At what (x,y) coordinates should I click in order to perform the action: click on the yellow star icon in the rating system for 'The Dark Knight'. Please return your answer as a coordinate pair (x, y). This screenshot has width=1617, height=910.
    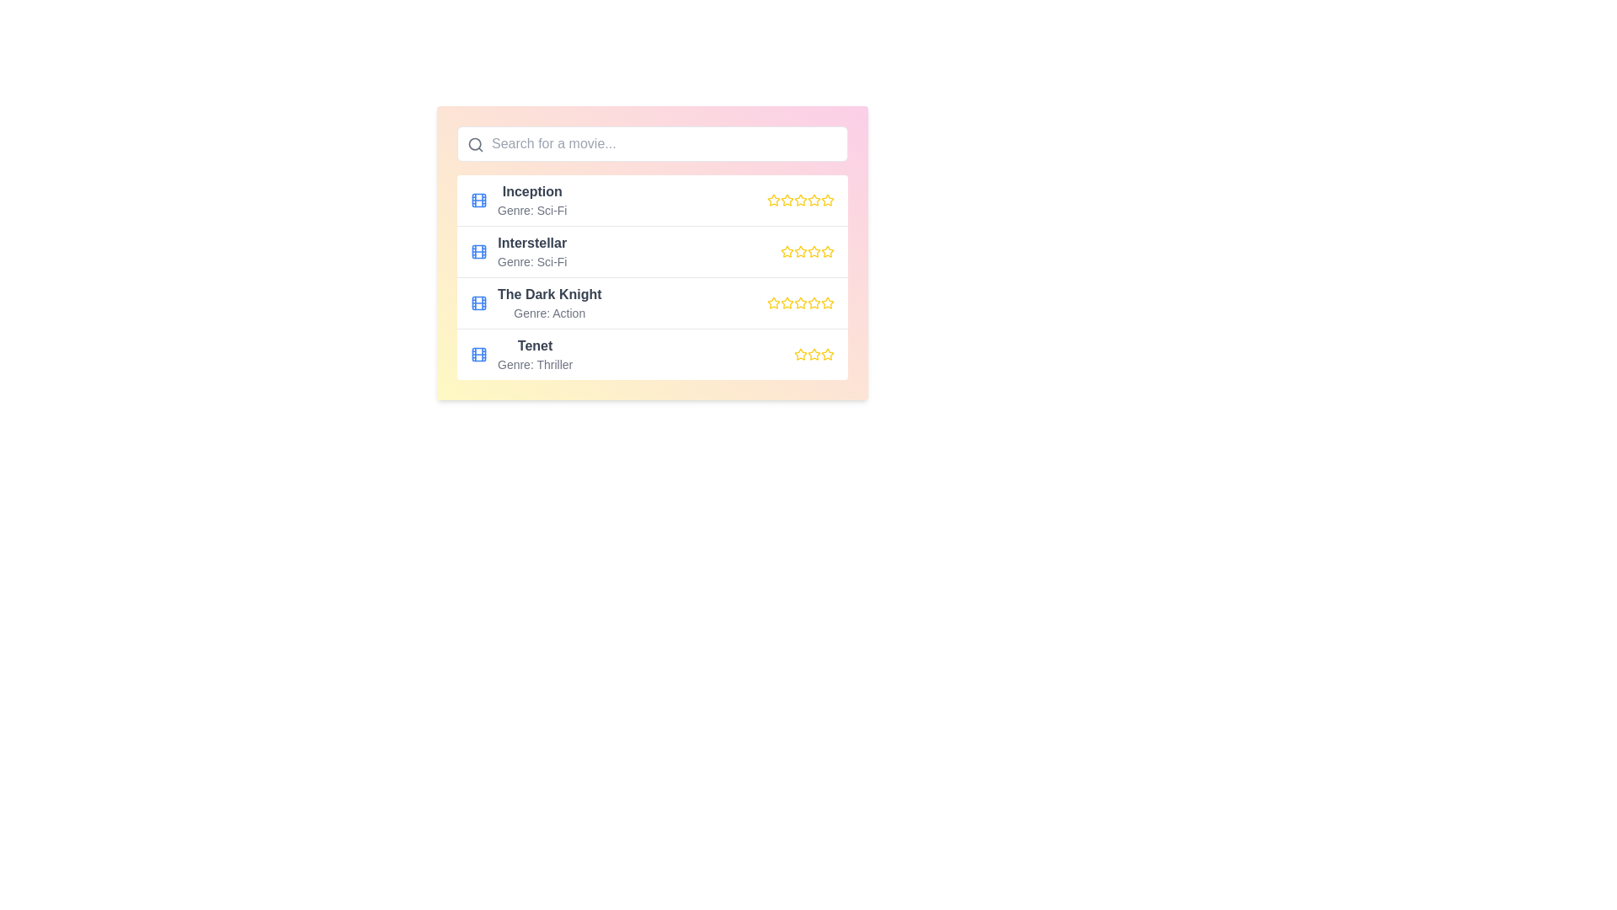
    Looking at the image, I should click on (799, 302).